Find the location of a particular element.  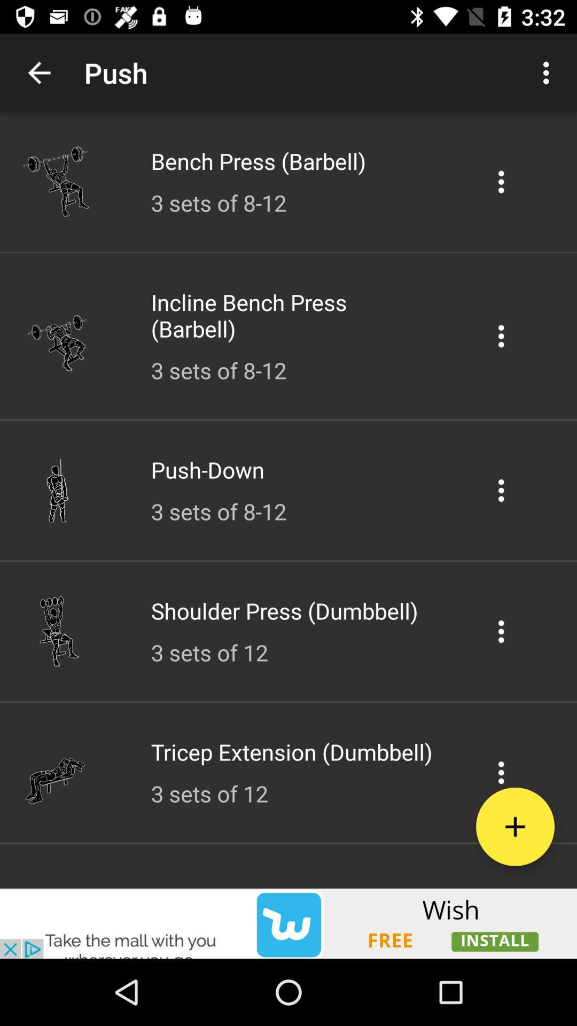

option is located at coordinates (501, 489).